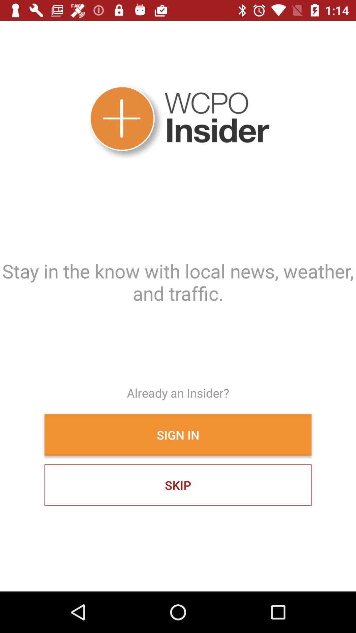 The image size is (356, 633). Describe the element at coordinates (178, 435) in the screenshot. I see `sign in` at that location.